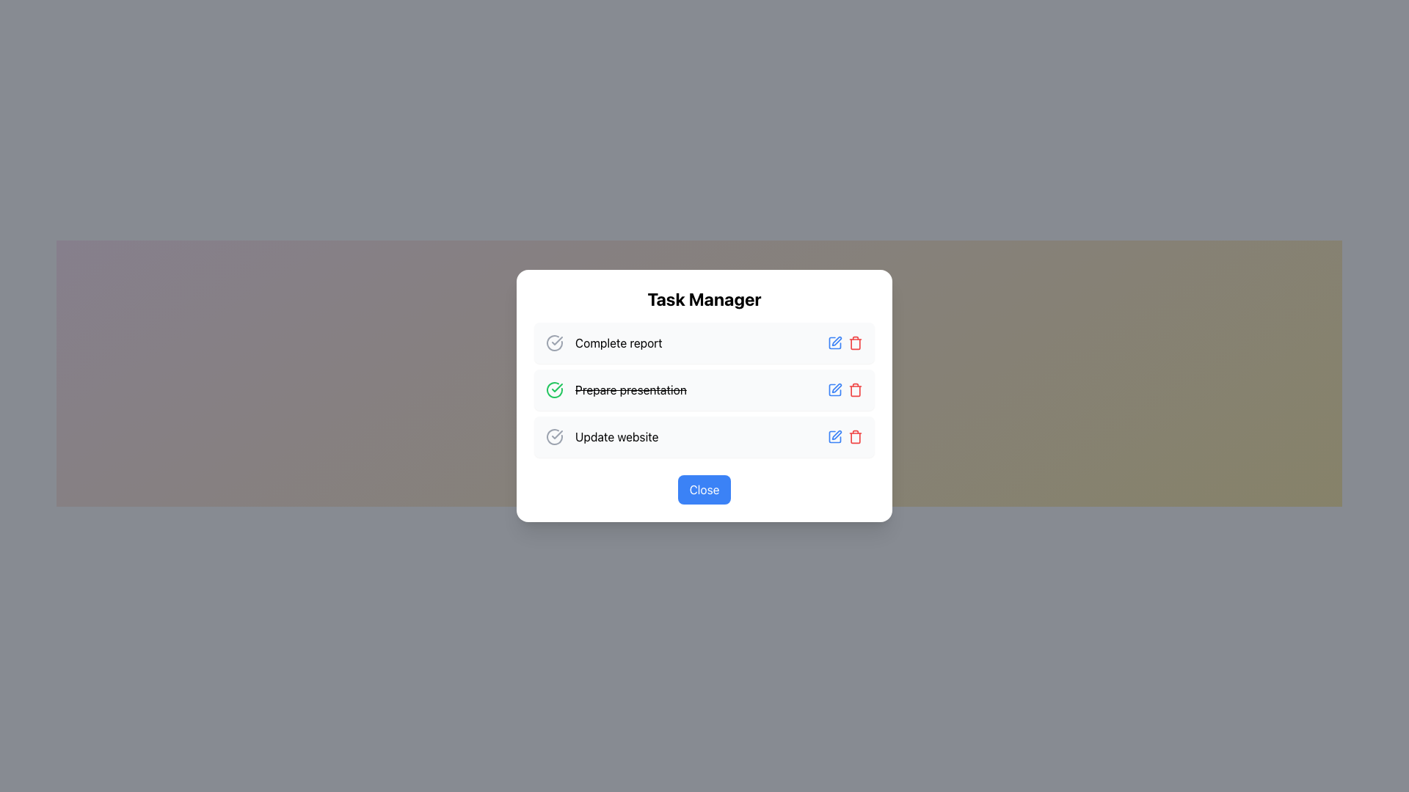 Image resolution: width=1409 pixels, height=792 pixels. What do you see at coordinates (556, 341) in the screenshot?
I see `the checkmark icon in the second task row labeled 'Prepare presentation' in the Task Manager interface` at bounding box center [556, 341].